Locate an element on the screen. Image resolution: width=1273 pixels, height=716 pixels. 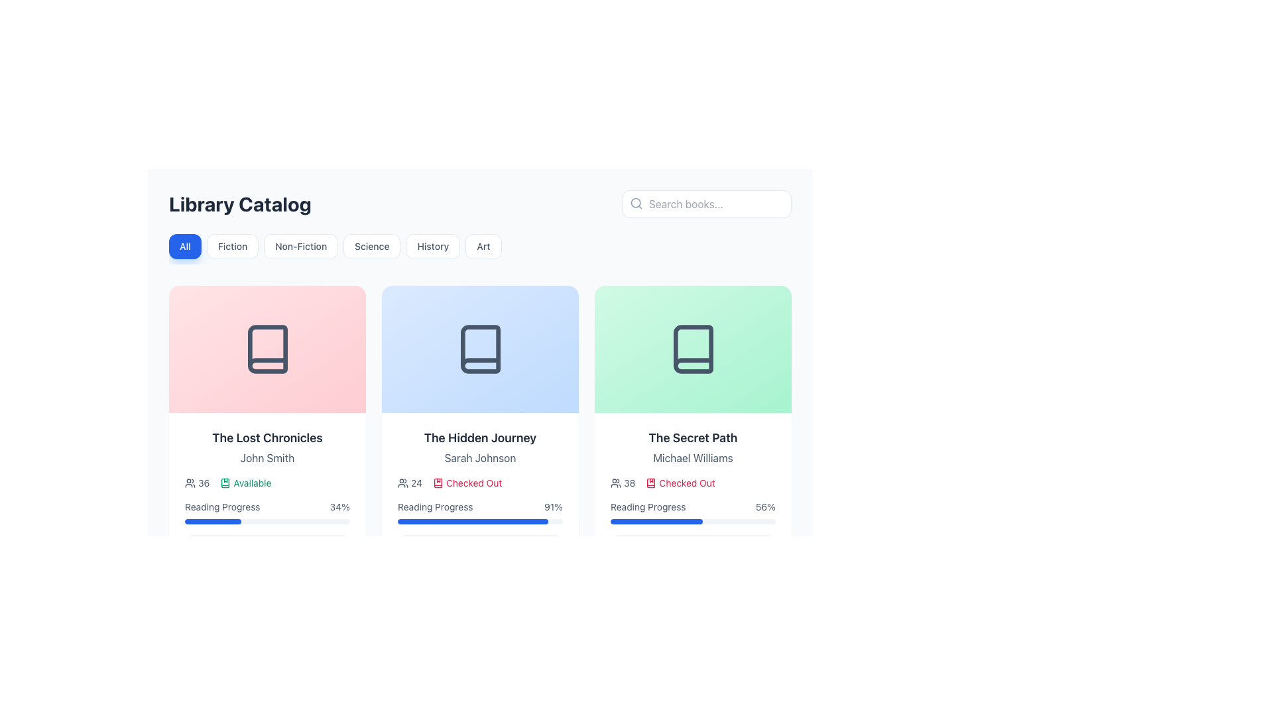
availability status text for the book 'The Lost Chronicles', located under the title and author, alongside the participant count is located at coordinates (245, 483).